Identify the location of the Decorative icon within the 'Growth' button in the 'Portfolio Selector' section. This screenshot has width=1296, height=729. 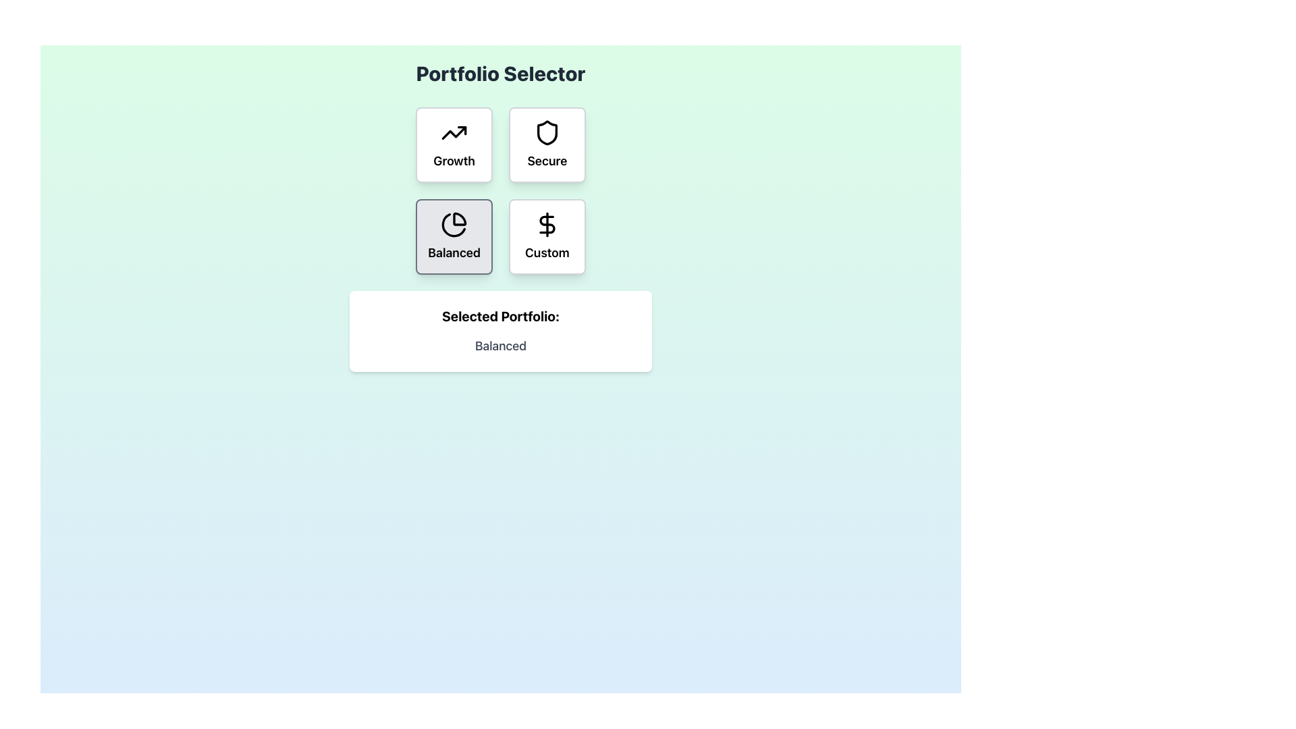
(454, 132).